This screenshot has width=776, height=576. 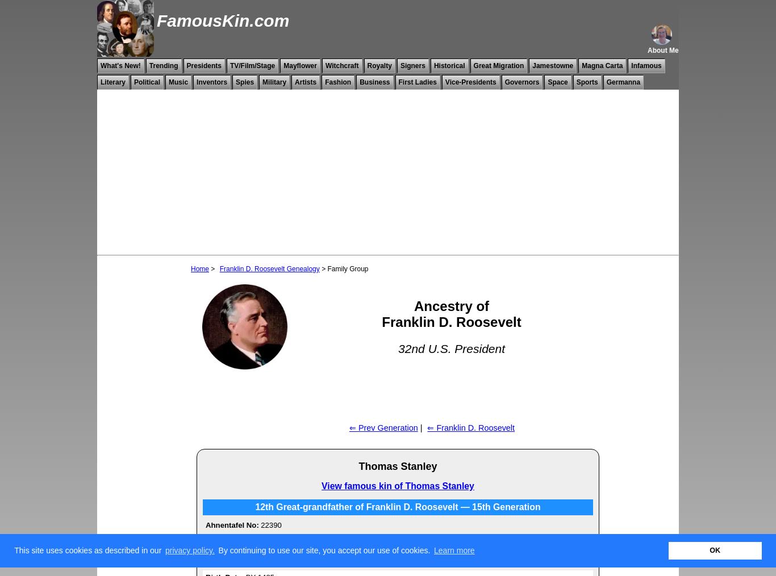 What do you see at coordinates (453, 550) in the screenshot?
I see `'Learn more'` at bounding box center [453, 550].